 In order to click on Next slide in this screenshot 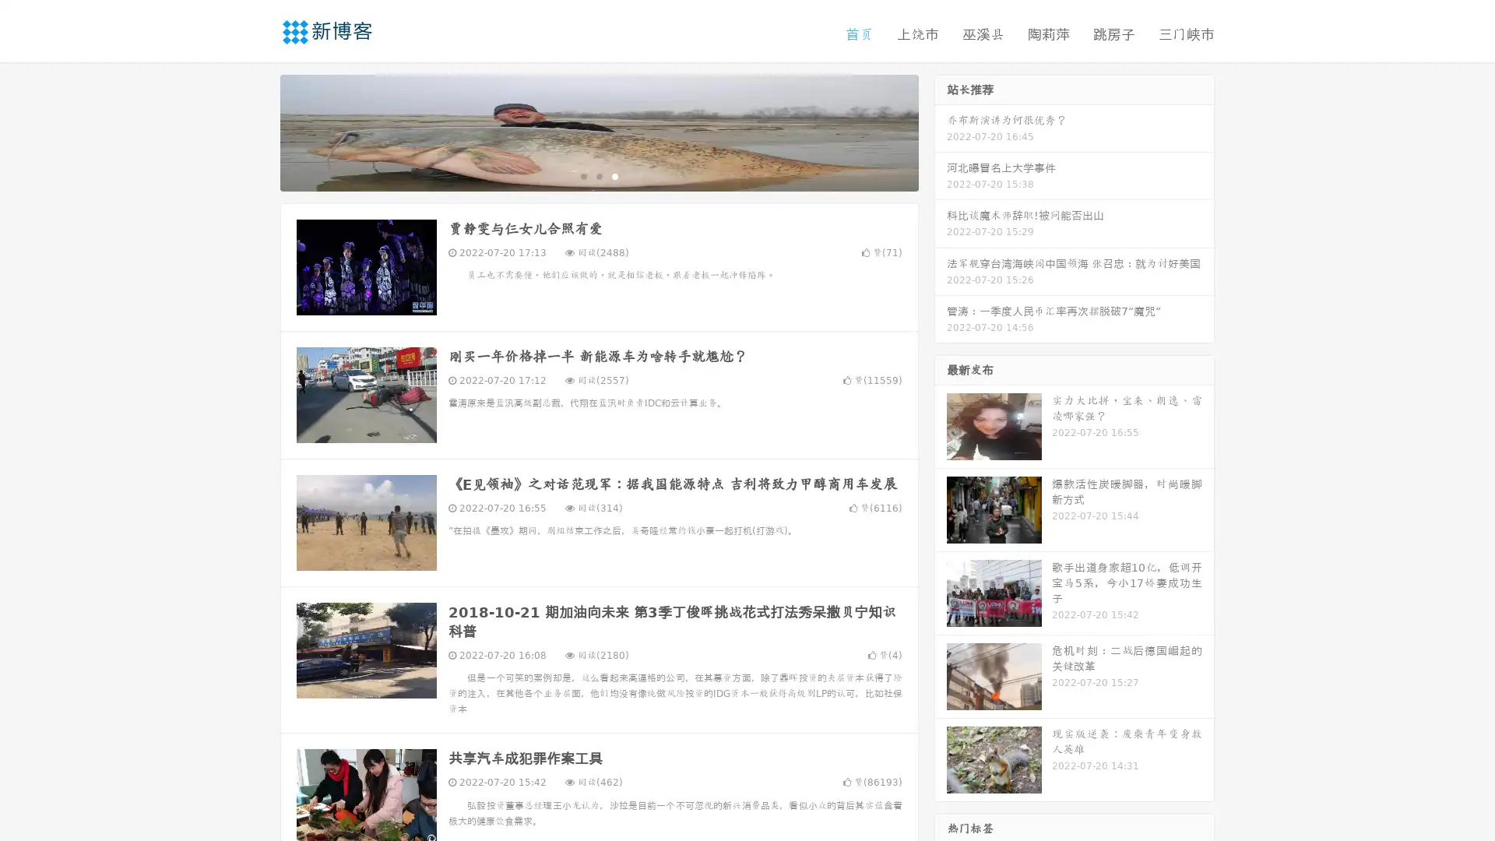, I will do `click(941, 131)`.